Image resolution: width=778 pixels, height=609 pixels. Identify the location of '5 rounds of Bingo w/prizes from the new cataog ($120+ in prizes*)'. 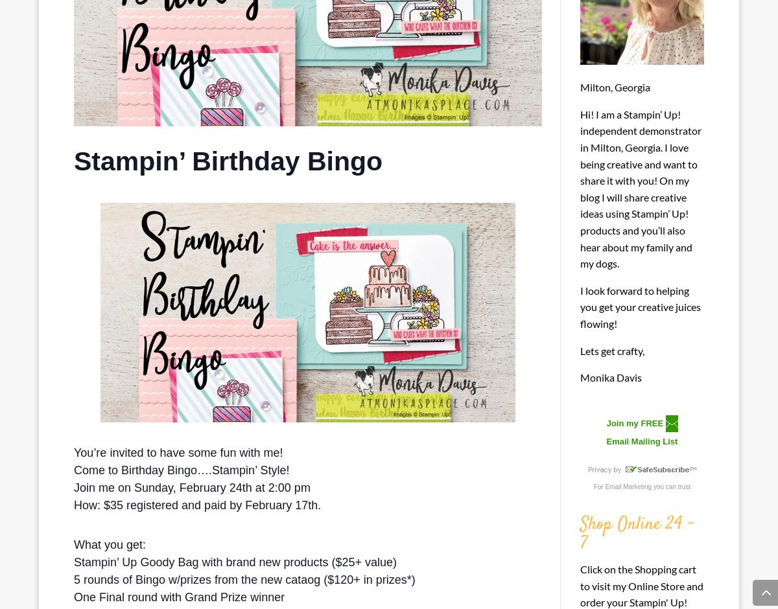
(74, 579).